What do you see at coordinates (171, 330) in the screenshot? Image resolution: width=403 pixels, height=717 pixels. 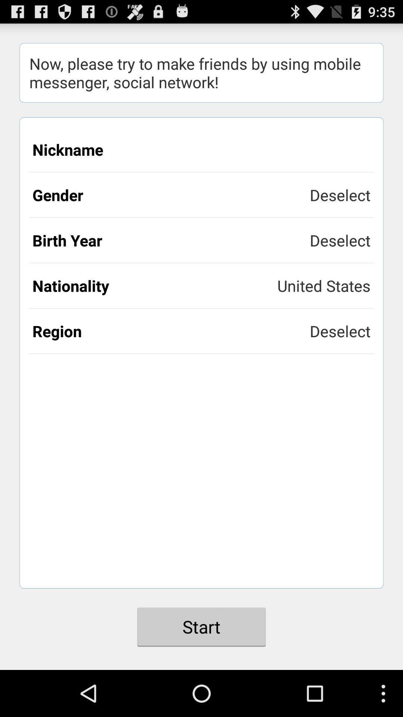 I see `region` at bounding box center [171, 330].